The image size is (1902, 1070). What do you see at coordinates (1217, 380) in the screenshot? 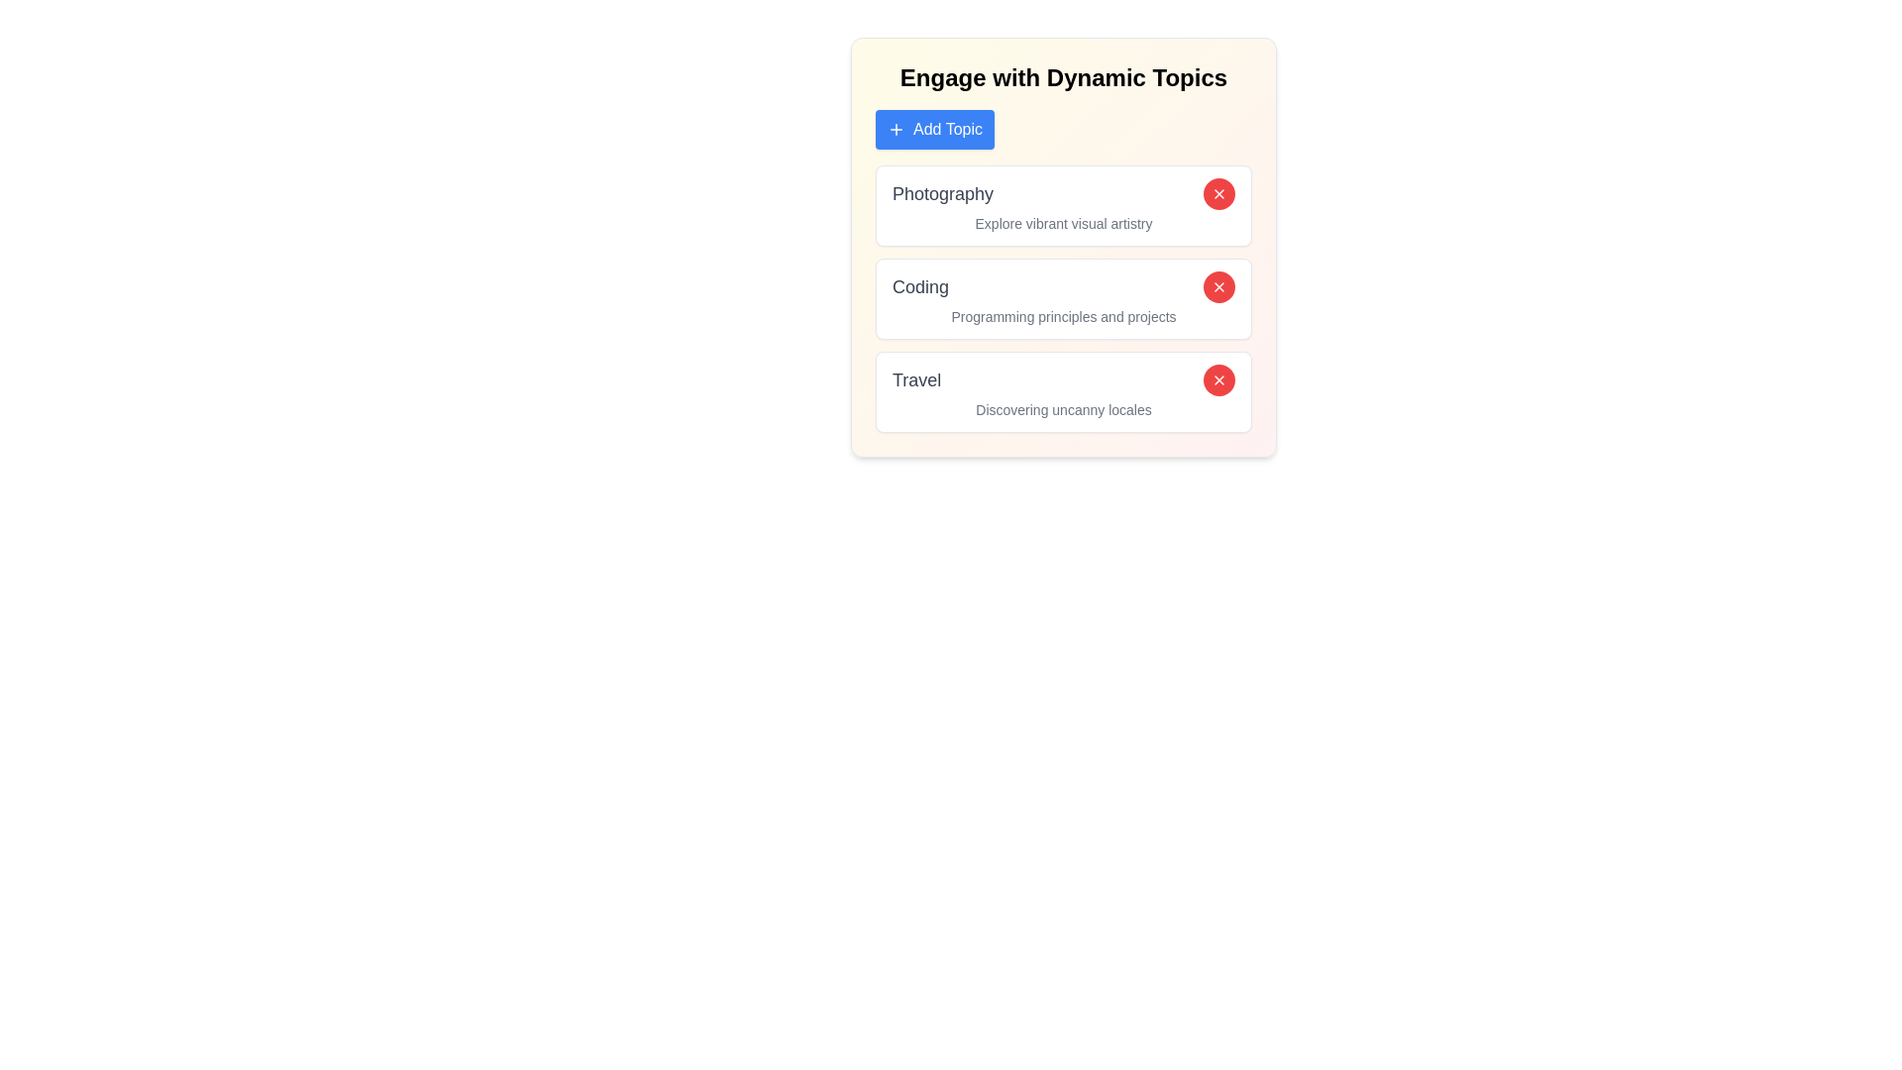
I see `red 'X' button next to the topic labeled Travel to remove it` at bounding box center [1217, 380].